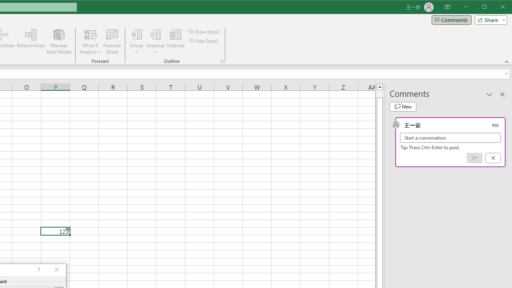 The image size is (512, 288). I want to click on 'Hide Detail', so click(202, 41).